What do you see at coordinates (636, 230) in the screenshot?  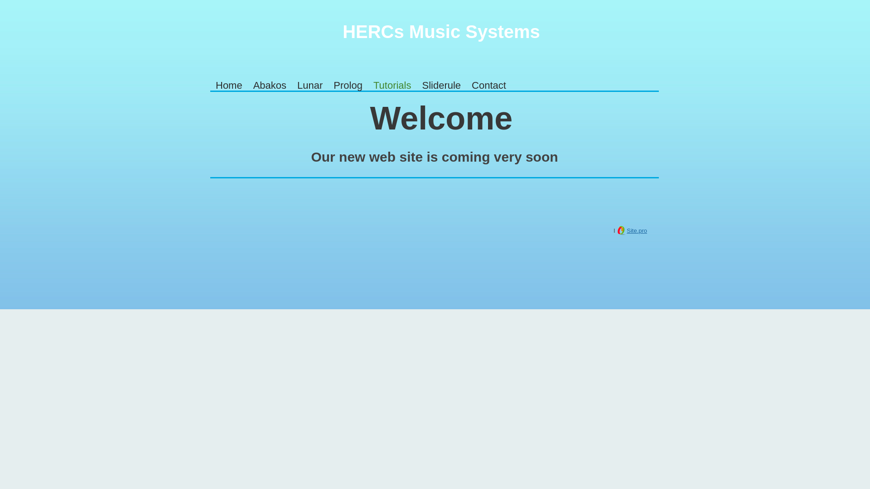 I see `'Site.pro'` at bounding box center [636, 230].